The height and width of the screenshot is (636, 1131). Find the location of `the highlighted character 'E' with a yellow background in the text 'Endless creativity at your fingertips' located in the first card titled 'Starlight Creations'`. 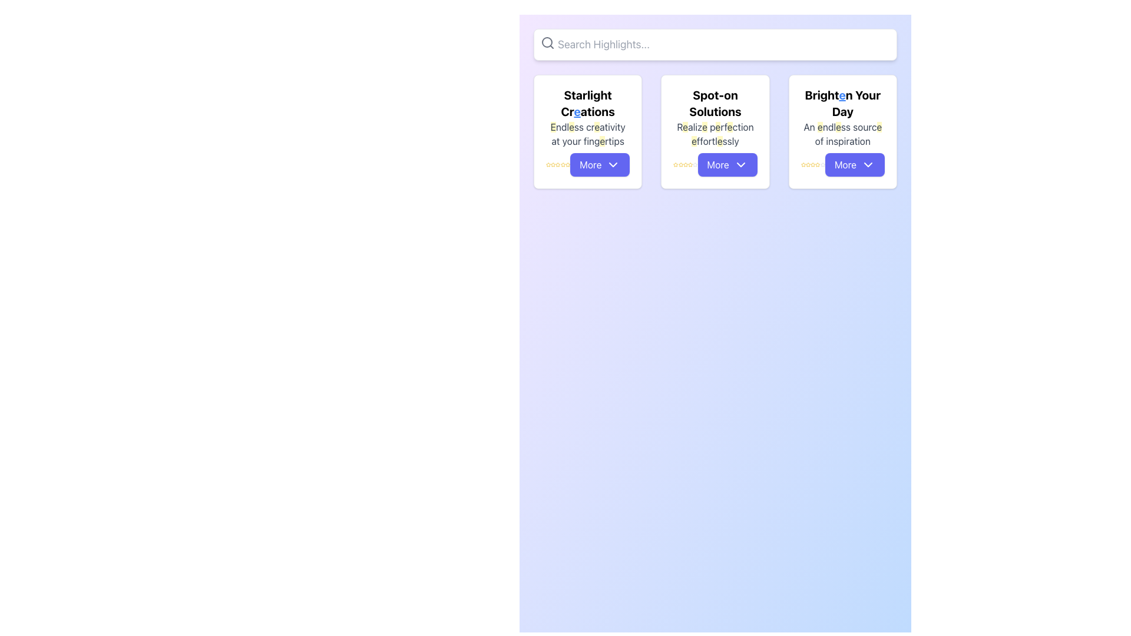

the highlighted character 'E' with a yellow background in the text 'Endless creativity at your fingertips' located in the first card titled 'Starlight Creations' is located at coordinates (553, 127).